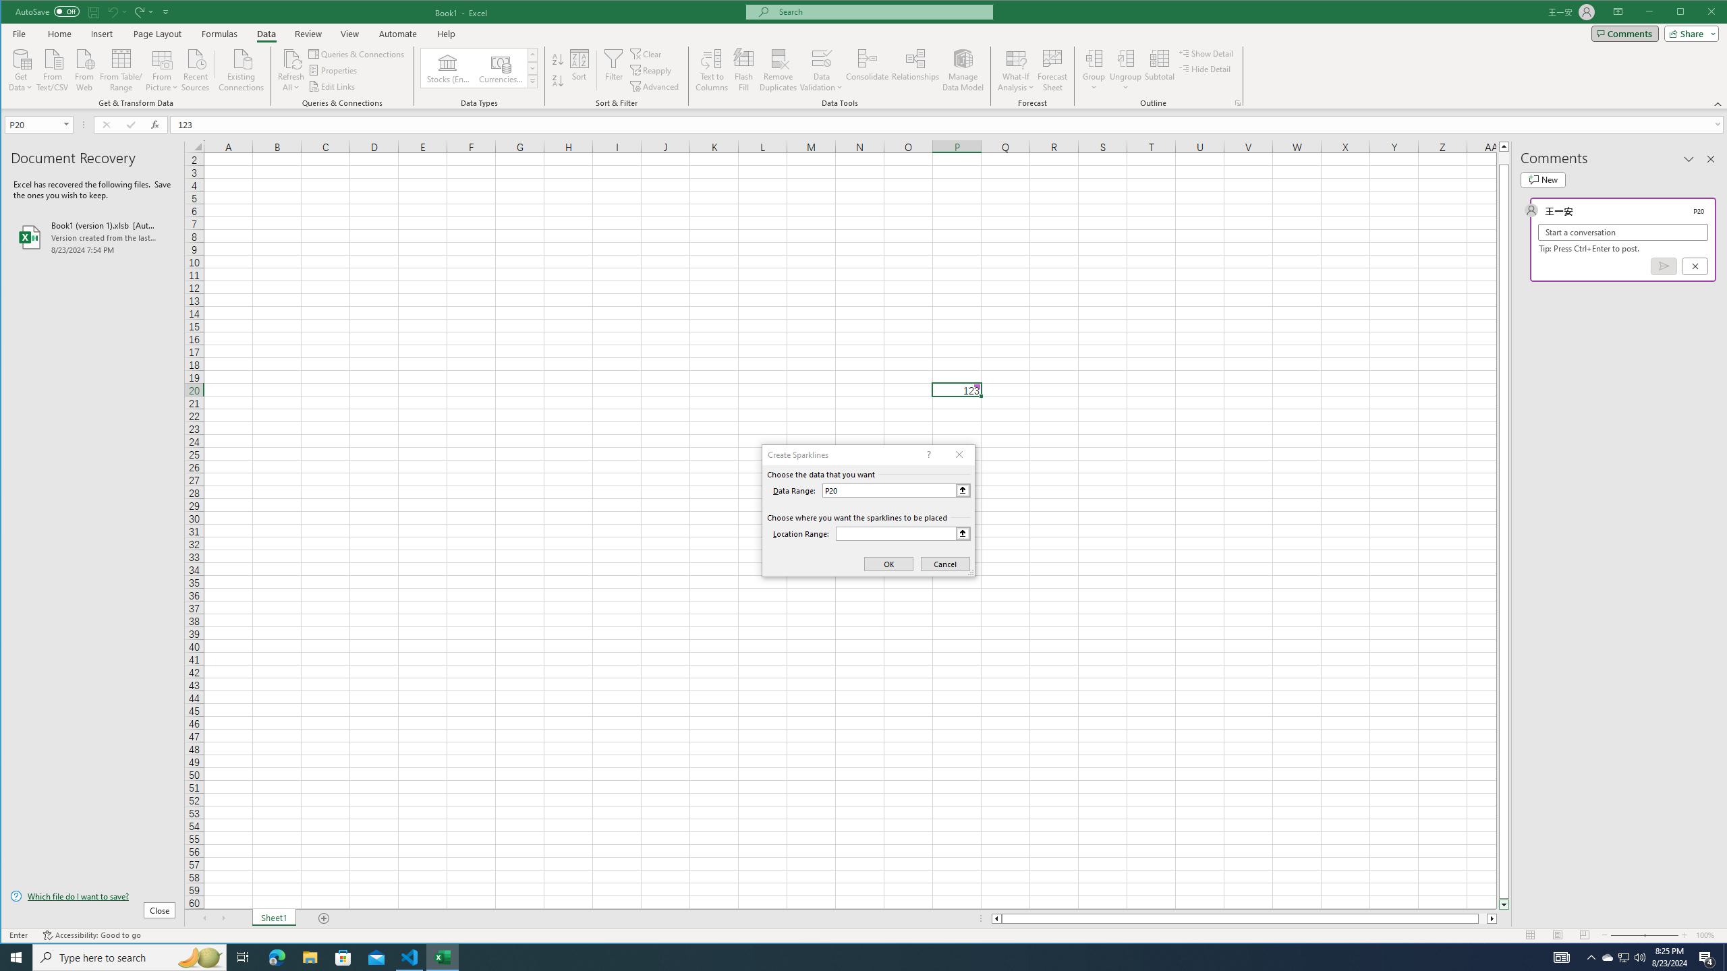  Describe the element at coordinates (1052, 69) in the screenshot. I see `'Forecast Sheet'` at that location.